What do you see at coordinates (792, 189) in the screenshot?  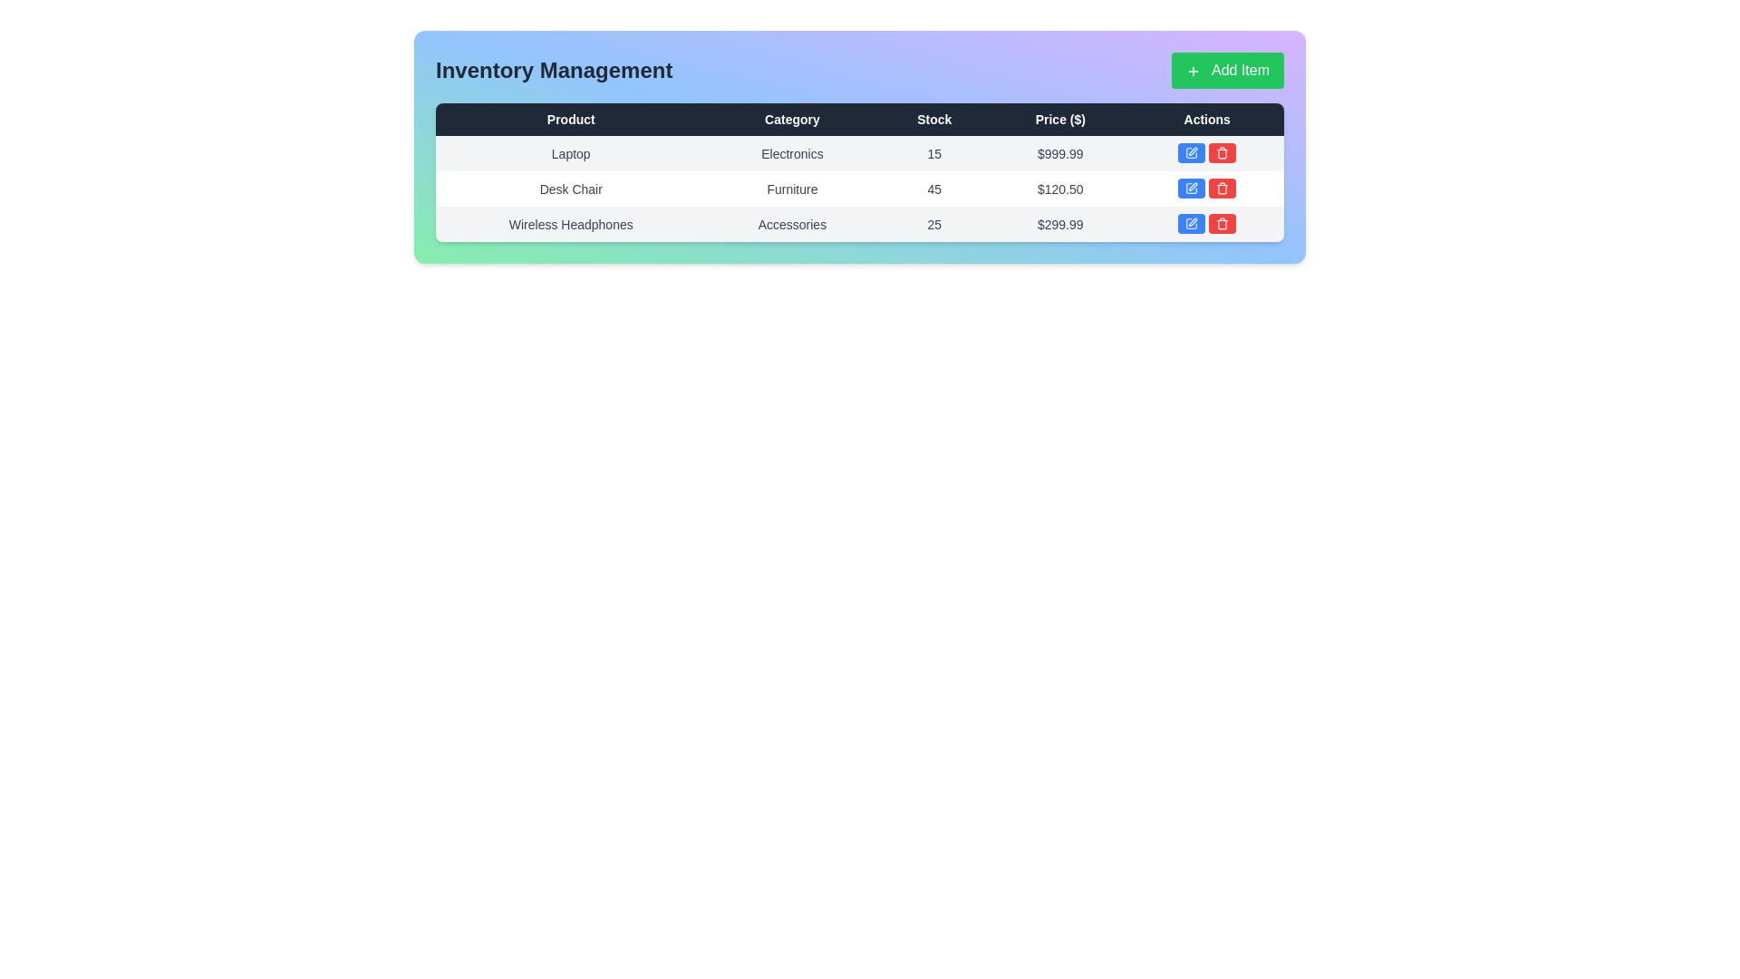 I see `the Text Label indicating the product category for the Desk Chair row in the table layout, which provides contextual information about the listed product` at bounding box center [792, 189].